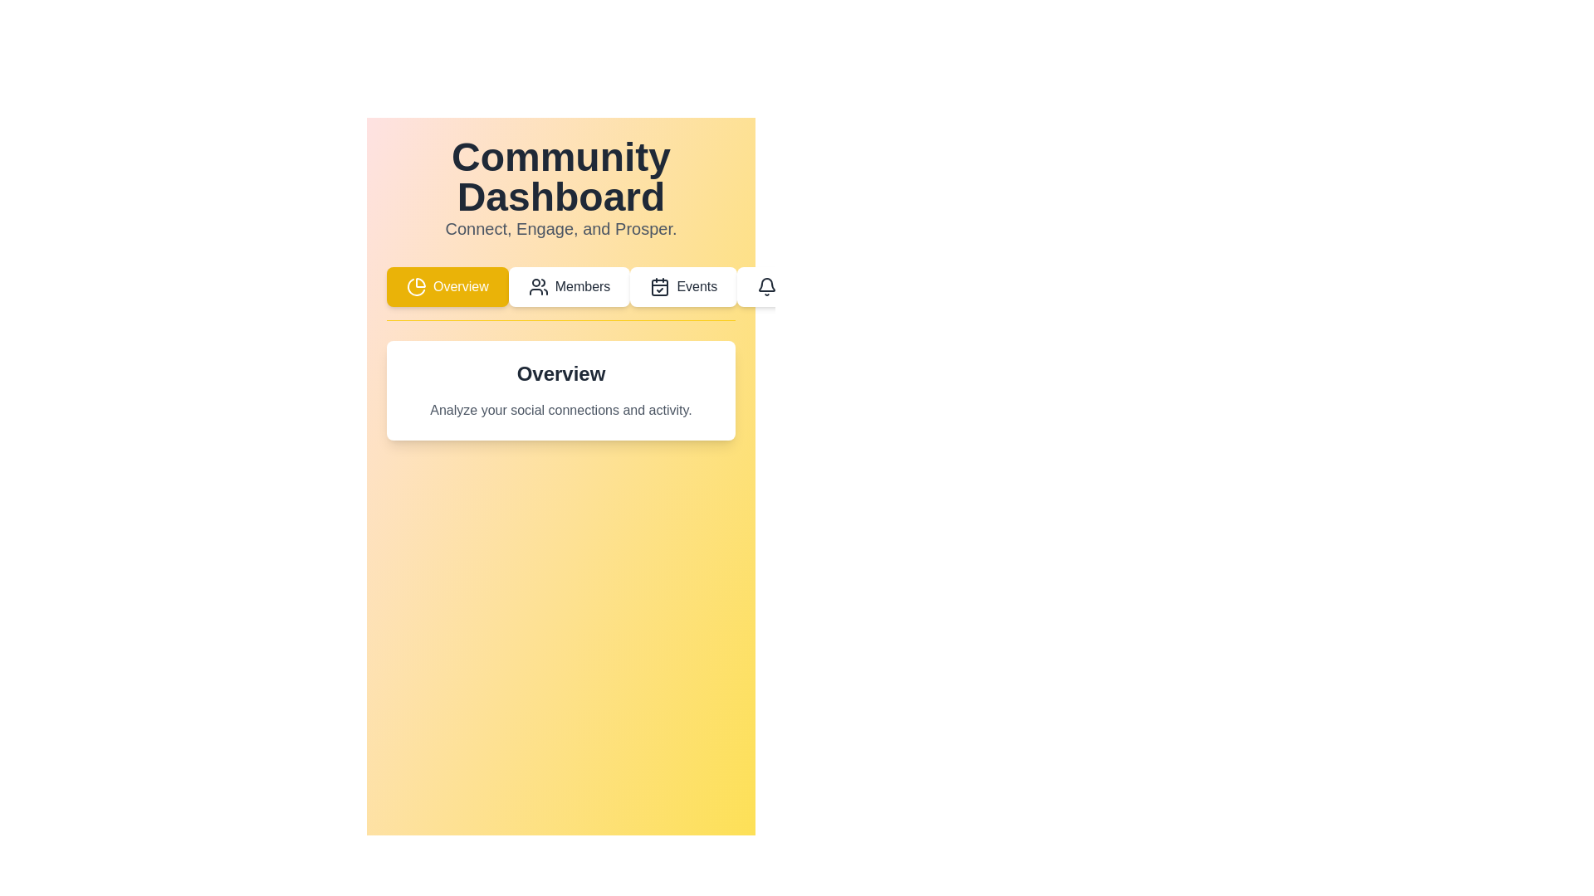 The width and height of the screenshot is (1594, 896). I want to click on the button labeled Members, so click(570, 286).